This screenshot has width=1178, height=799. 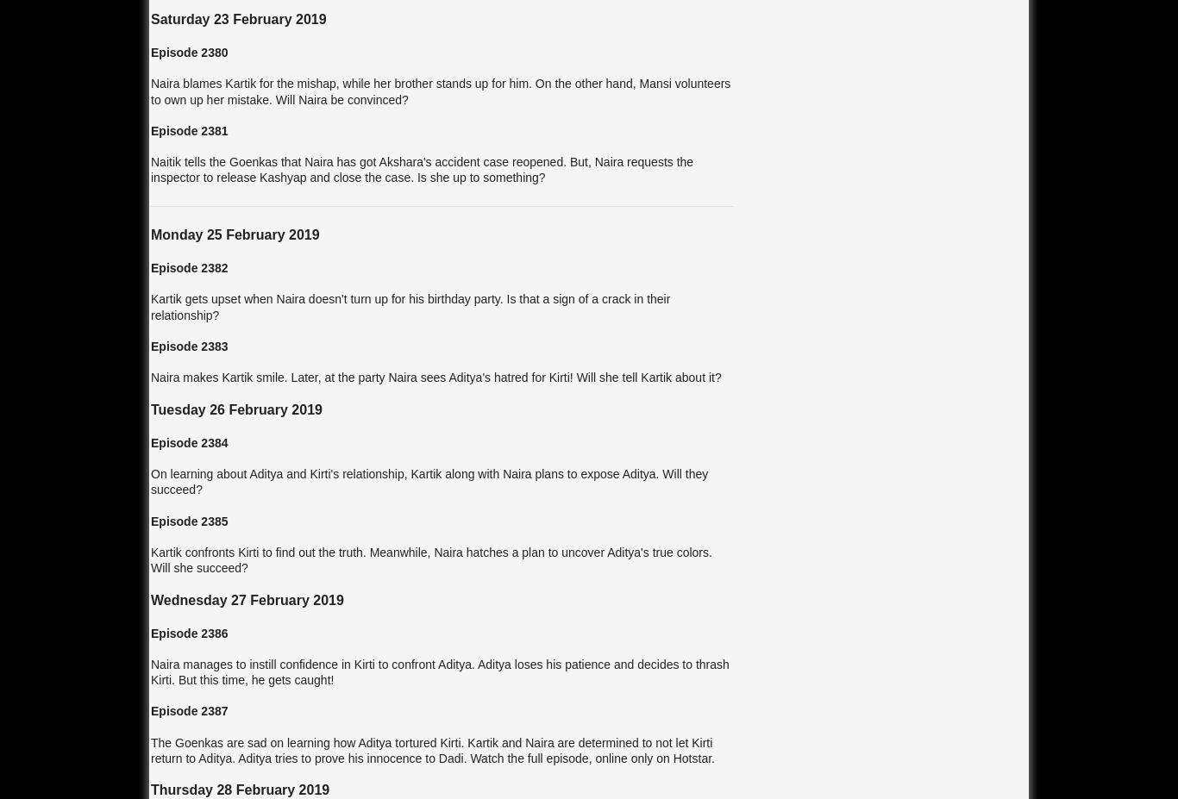 I want to click on 'Kartik confronts Kirti to find out the truth. Meanwhile, Naira hatches a plan to uncover Aditya's true colors. Will she succeed?', so click(x=430, y=559).